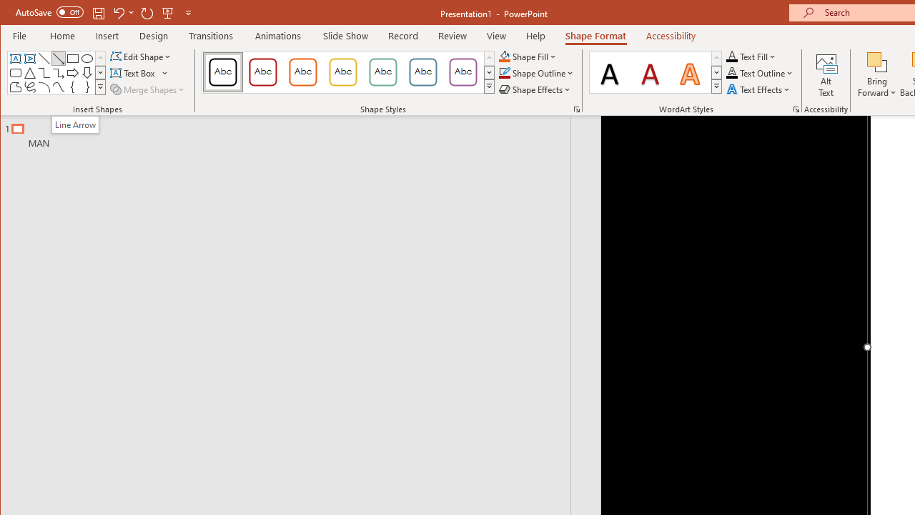 The width and height of the screenshot is (915, 515). I want to click on 'Merge Shapes', so click(149, 89).